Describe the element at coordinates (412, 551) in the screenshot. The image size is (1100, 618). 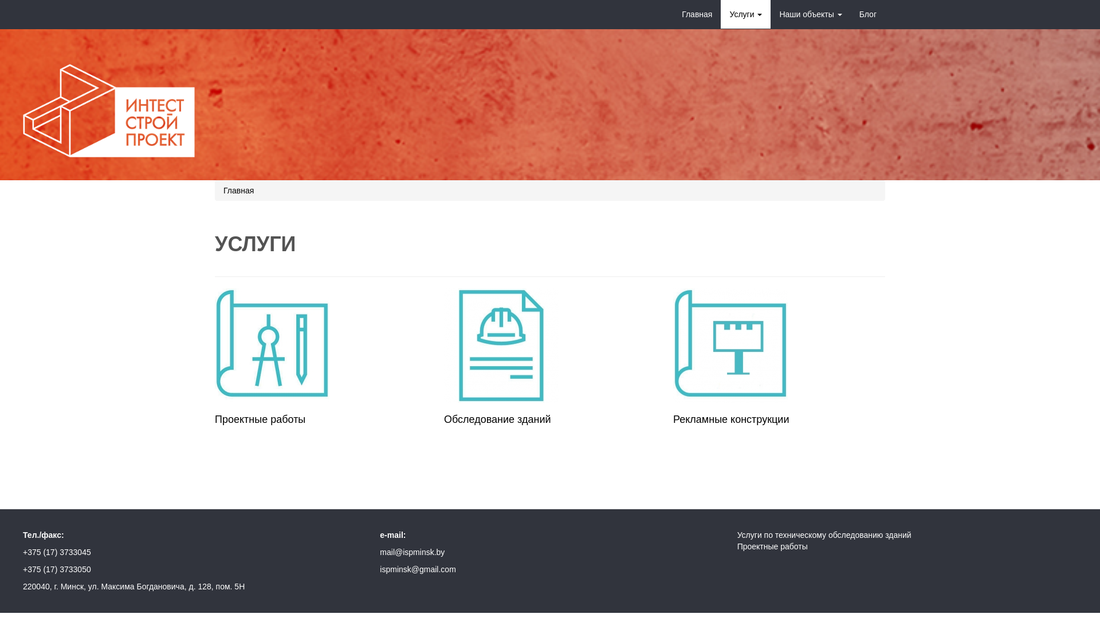
I see `'mail@ispminsk.by'` at that location.